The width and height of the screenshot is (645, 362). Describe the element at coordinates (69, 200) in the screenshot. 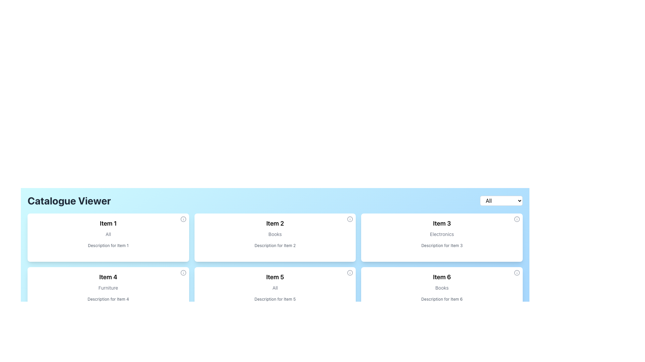

I see `the Text Label that serves as a header or title for the catalogue viewer, located at the top left of the interface` at that location.